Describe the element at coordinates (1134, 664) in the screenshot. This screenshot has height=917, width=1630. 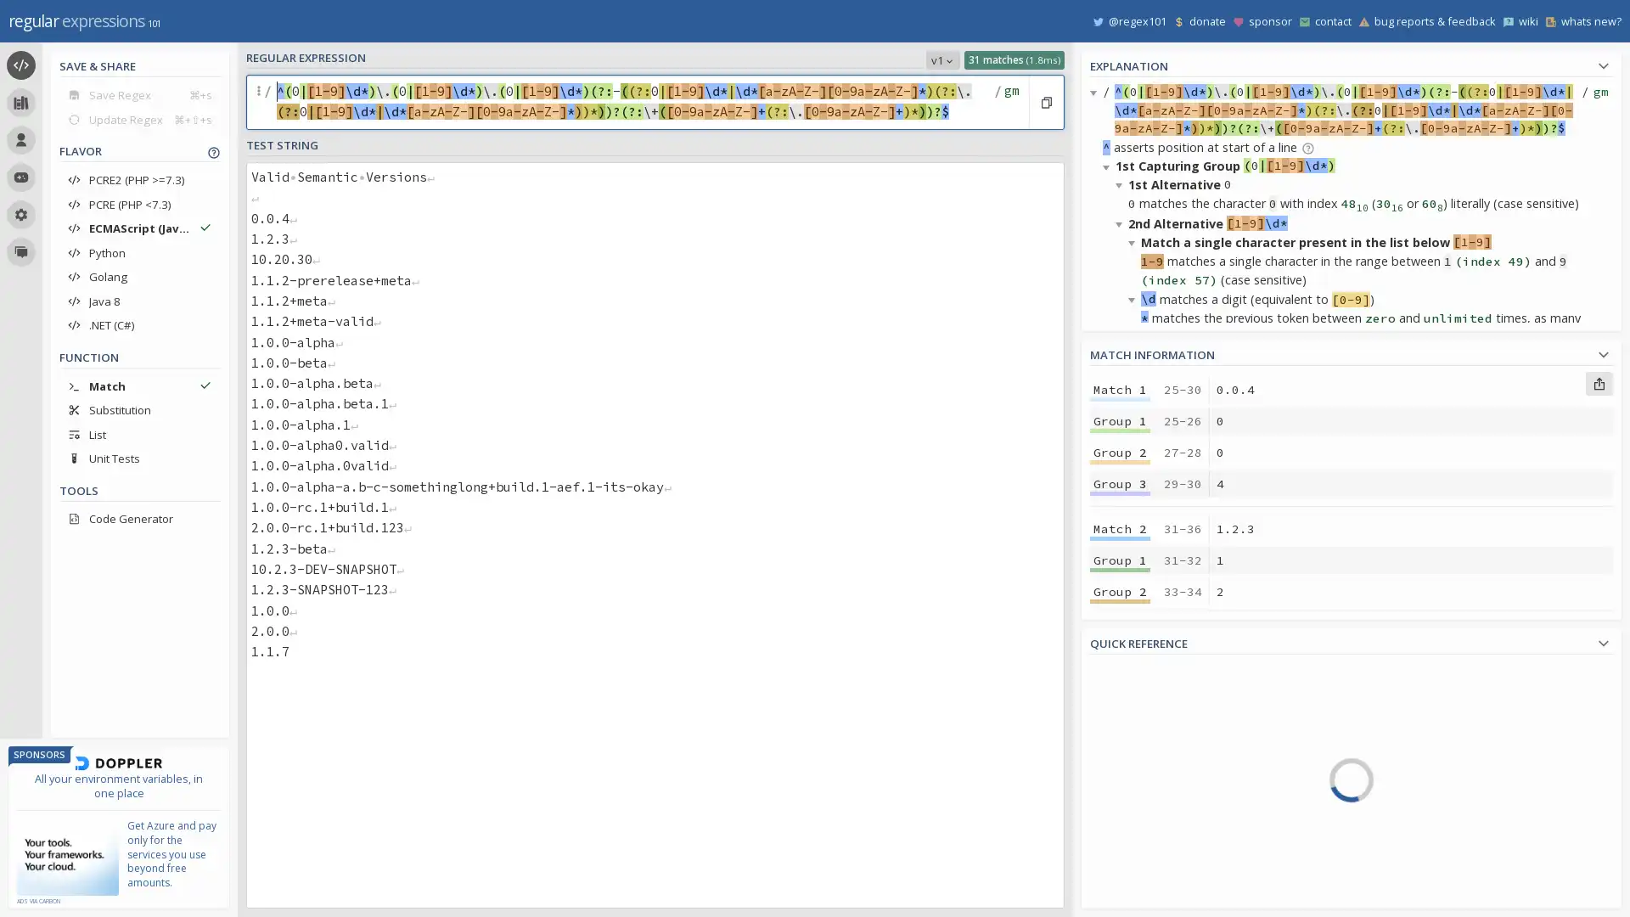
I see `Collapse Subtree` at that location.